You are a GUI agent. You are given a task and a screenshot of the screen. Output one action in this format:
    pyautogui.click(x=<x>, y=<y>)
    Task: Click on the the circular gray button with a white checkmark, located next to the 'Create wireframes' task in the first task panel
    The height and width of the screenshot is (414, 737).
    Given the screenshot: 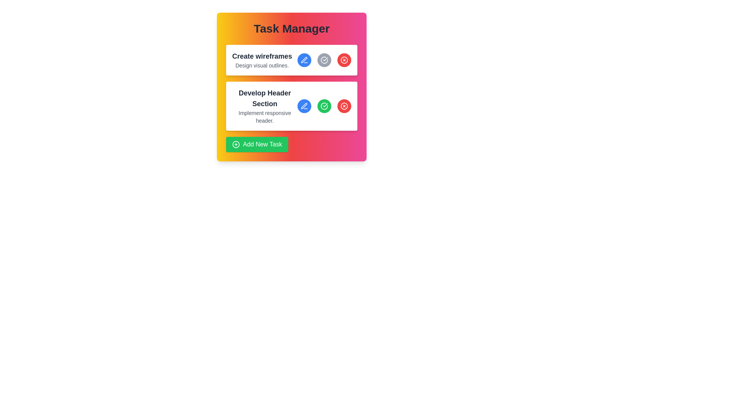 What is the action you would take?
    pyautogui.click(x=324, y=60)
    